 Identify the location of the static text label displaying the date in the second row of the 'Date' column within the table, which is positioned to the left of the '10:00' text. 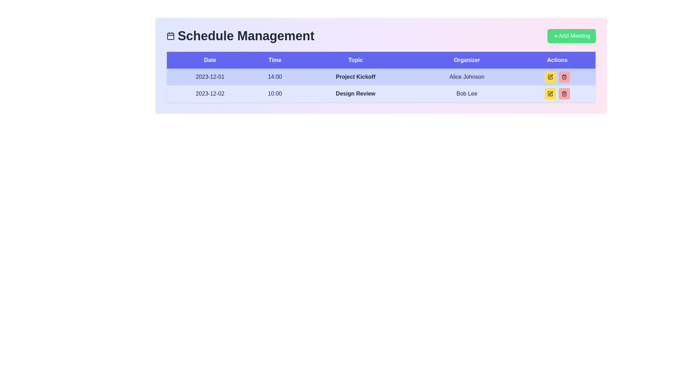
(210, 93).